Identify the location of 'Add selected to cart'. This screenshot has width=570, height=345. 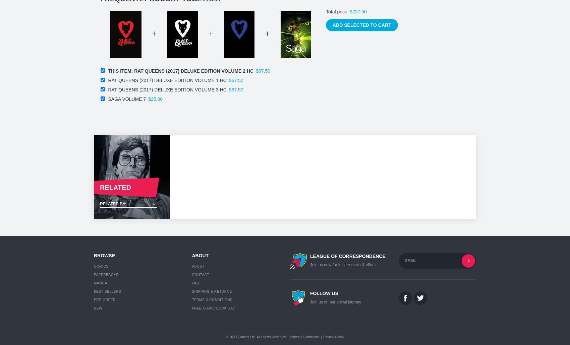
(361, 24).